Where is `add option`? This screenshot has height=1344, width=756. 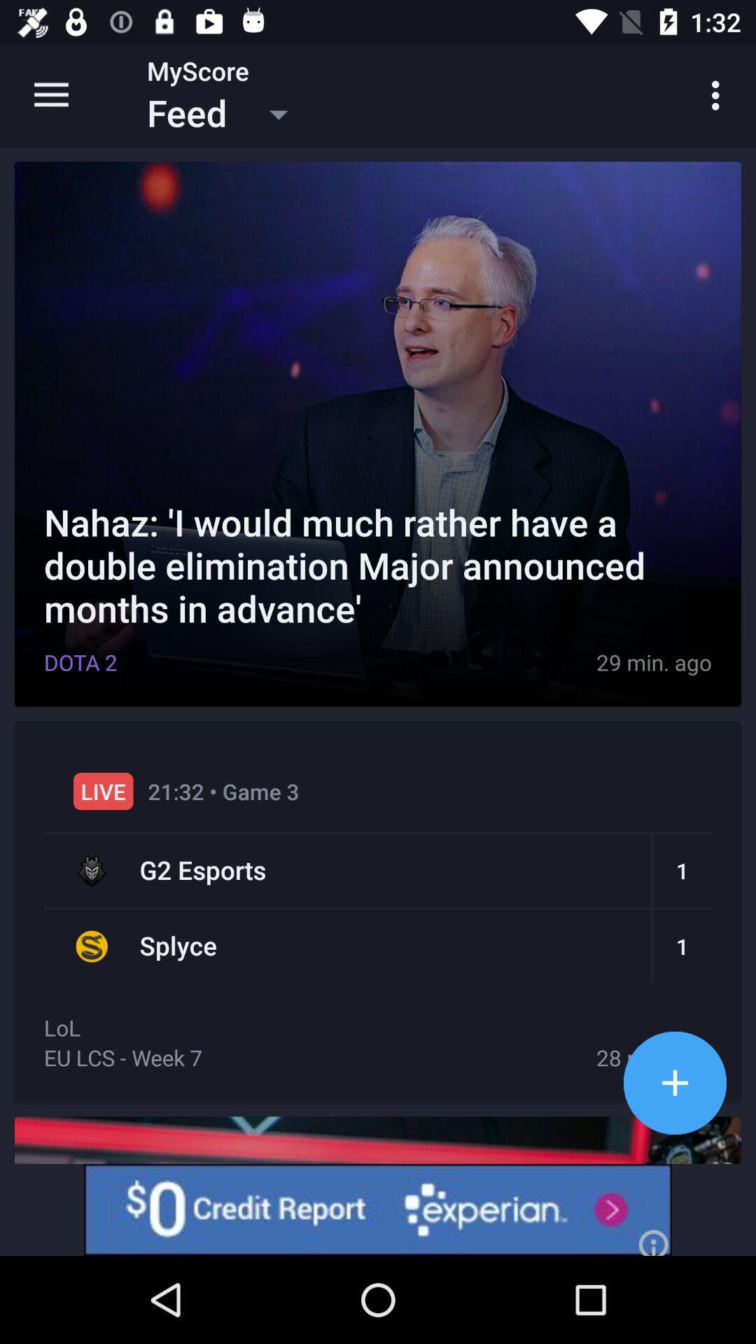 add option is located at coordinates (674, 1082).